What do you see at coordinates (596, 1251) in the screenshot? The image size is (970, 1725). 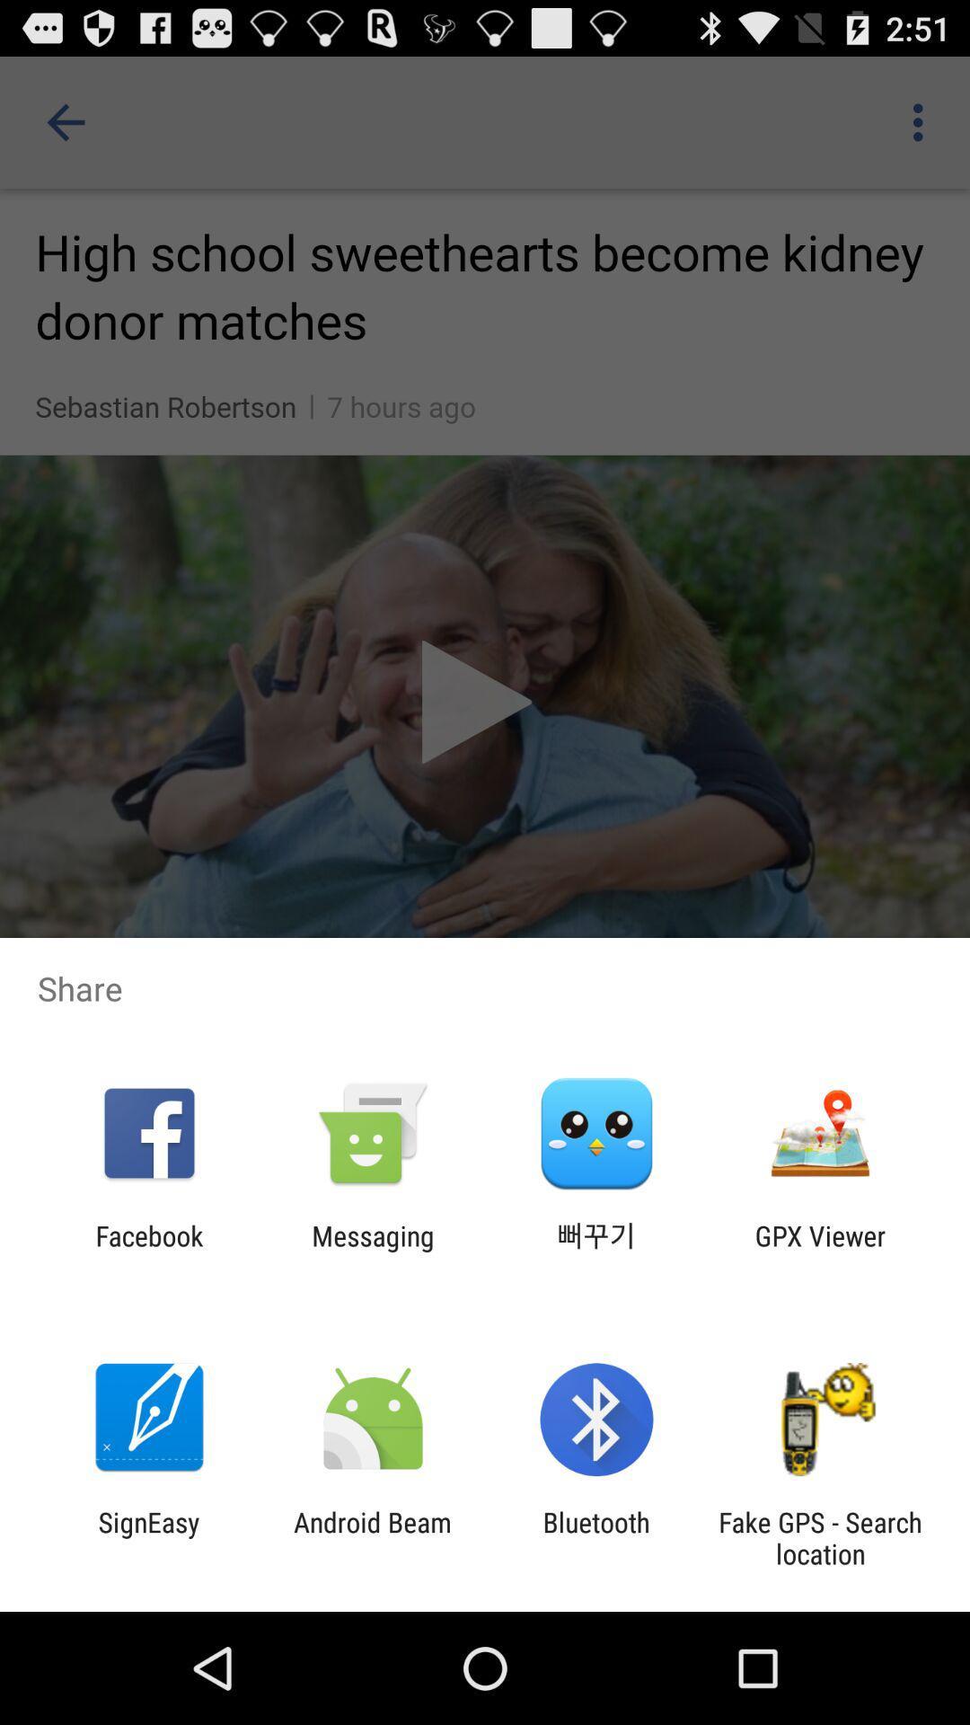 I see `the app next to the messaging app` at bounding box center [596, 1251].